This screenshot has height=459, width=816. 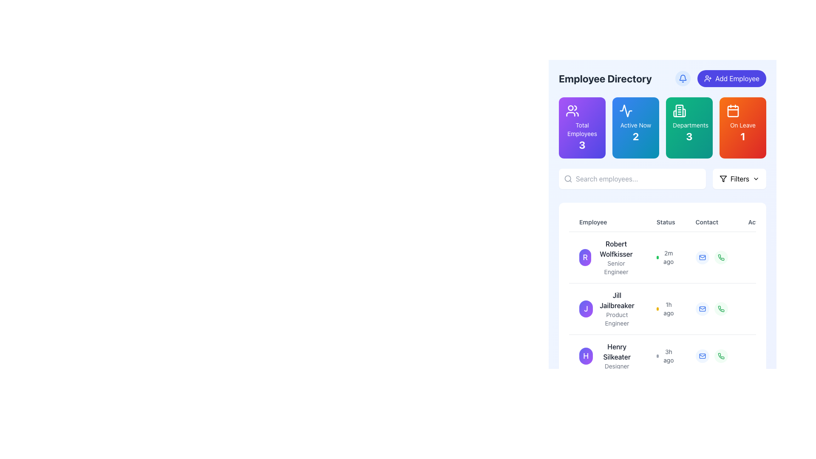 What do you see at coordinates (665, 356) in the screenshot?
I see `the '3h ago' label next to the circular dot in the 'Status' column for 'Henry Silkeater'` at bounding box center [665, 356].